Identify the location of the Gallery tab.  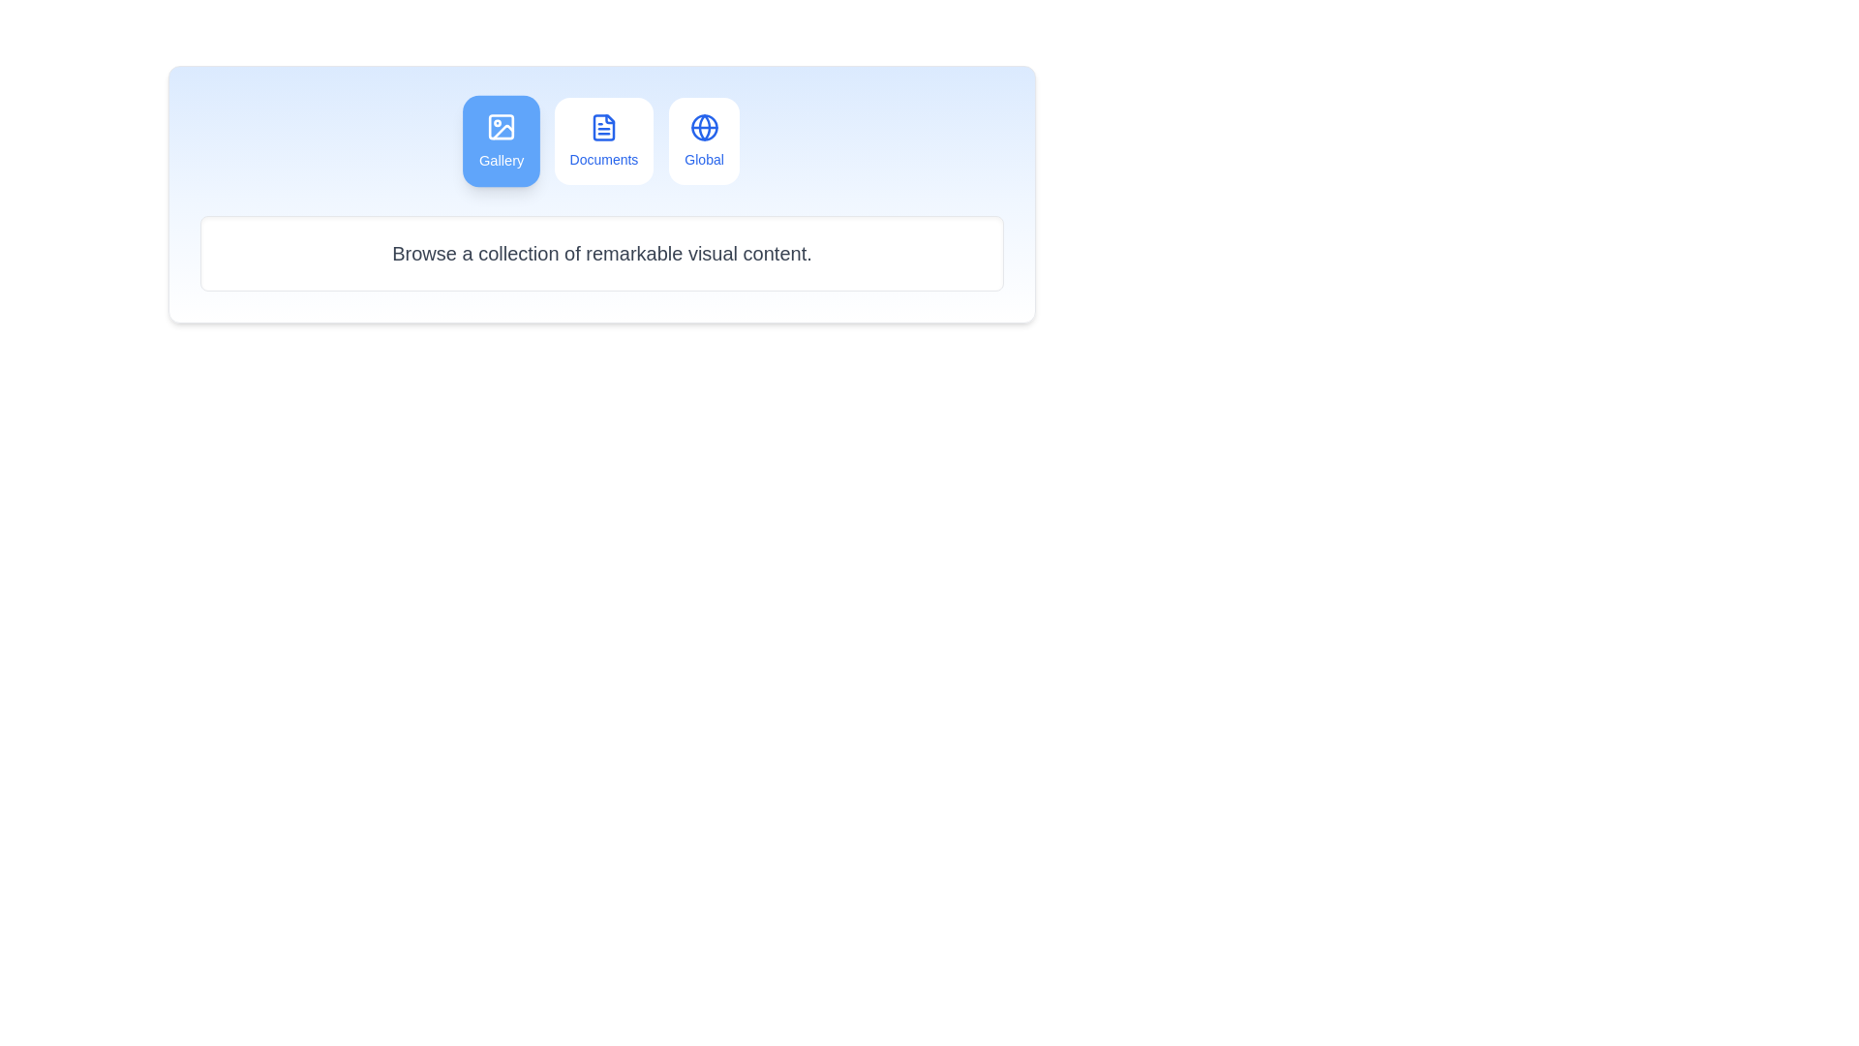
(502, 140).